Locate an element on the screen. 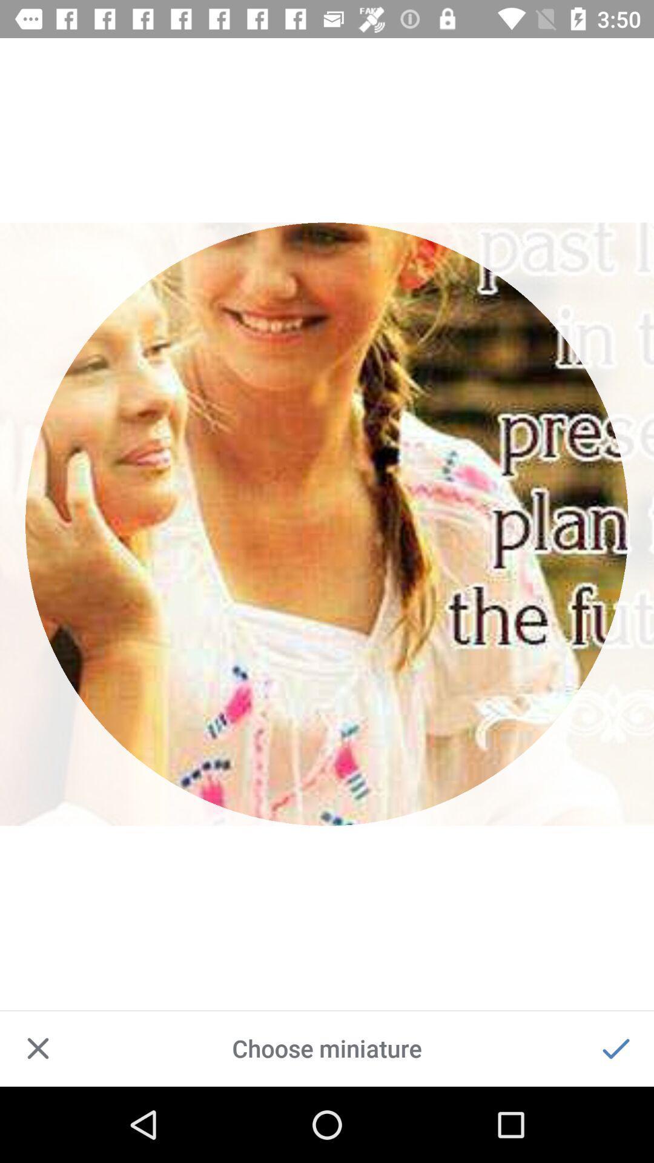  accept is located at coordinates (616, 1048).